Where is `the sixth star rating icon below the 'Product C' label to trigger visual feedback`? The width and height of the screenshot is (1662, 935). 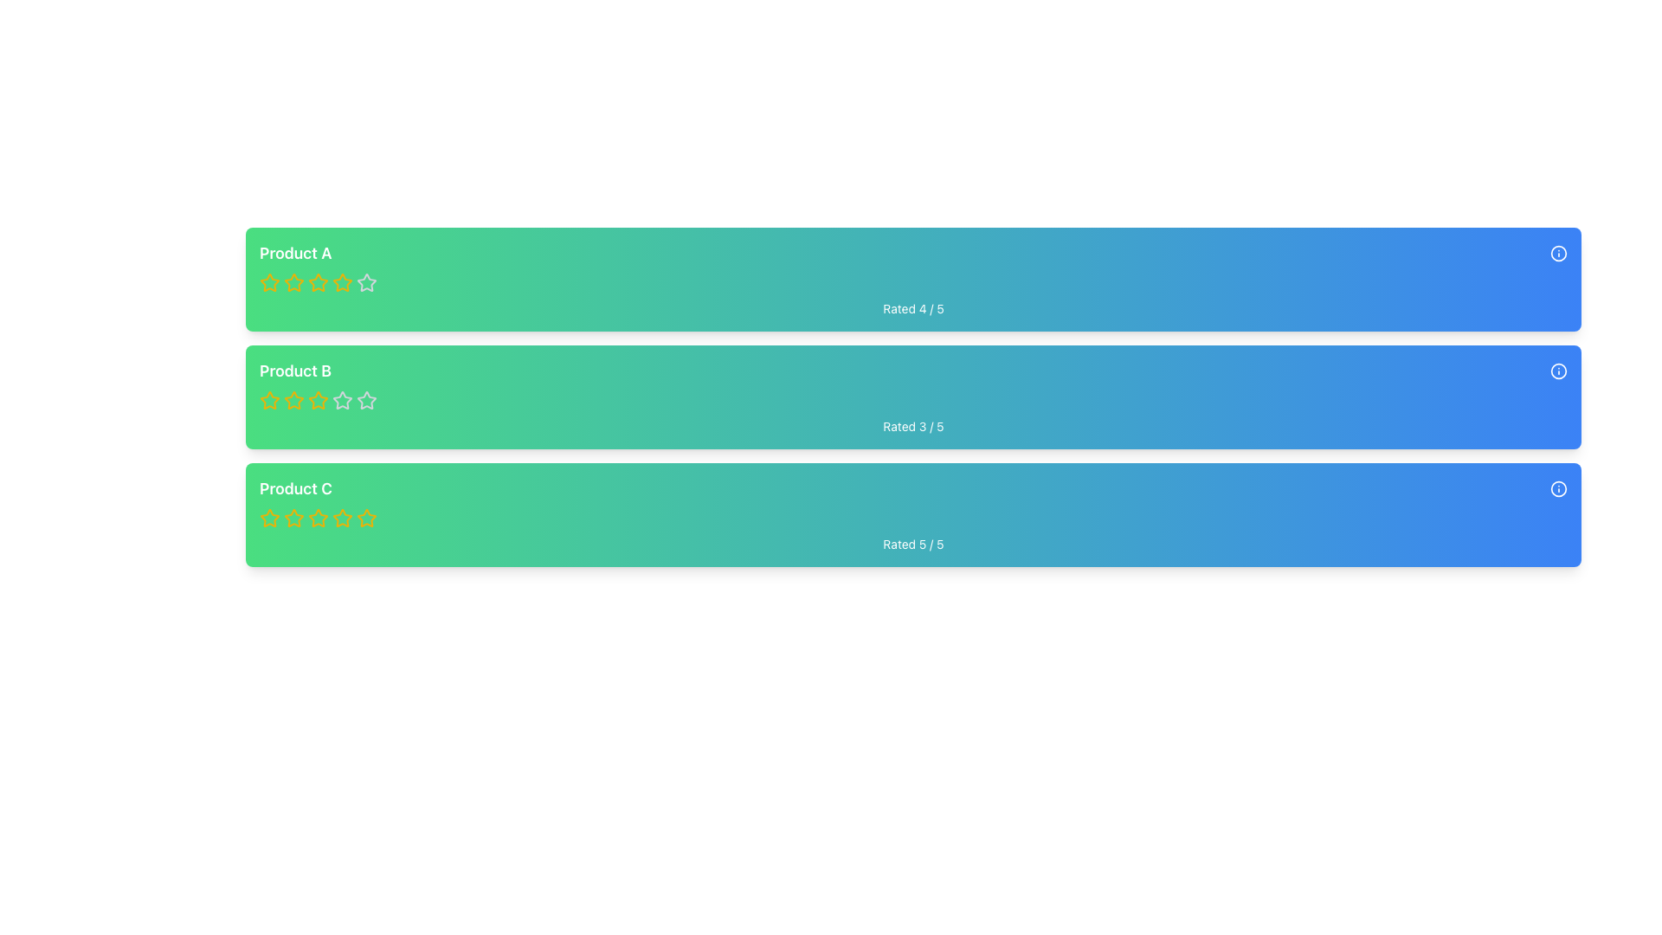 the sixth star rating icon below the 'Product C' label to trigger visual feedback is located at coordinates (342, 517).